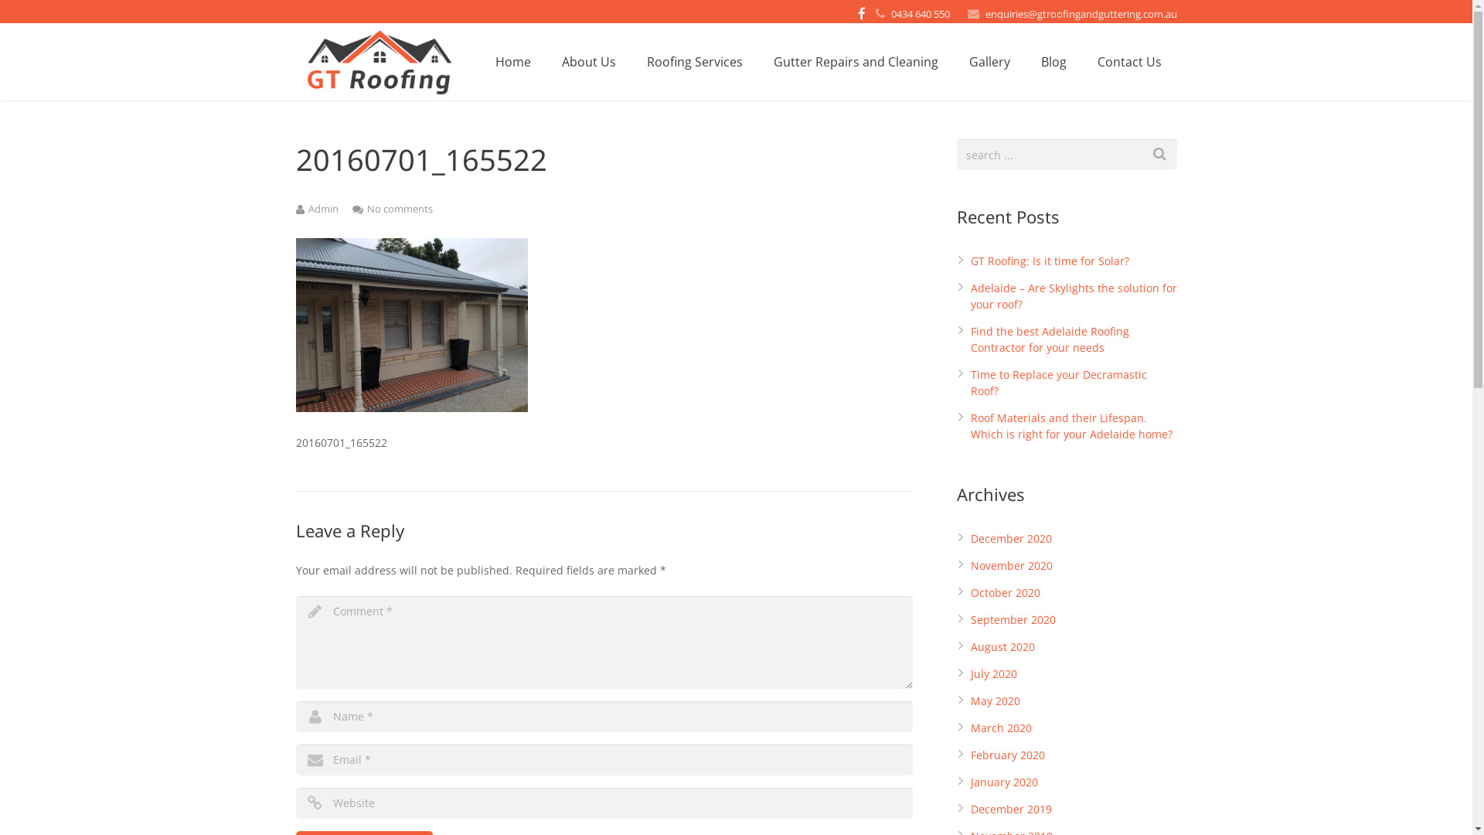 Image resolution: width=1484 pixels, height=835 pixels. I want to click on 'GT Roofing: Is it time for Solar?', so click(970, 260).